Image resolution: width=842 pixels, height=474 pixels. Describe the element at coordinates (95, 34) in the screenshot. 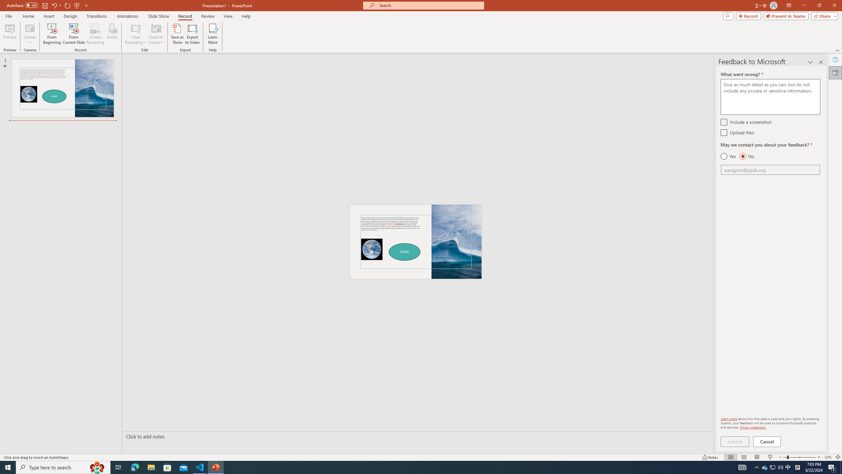

I see `'Screen Recording'` at that location.